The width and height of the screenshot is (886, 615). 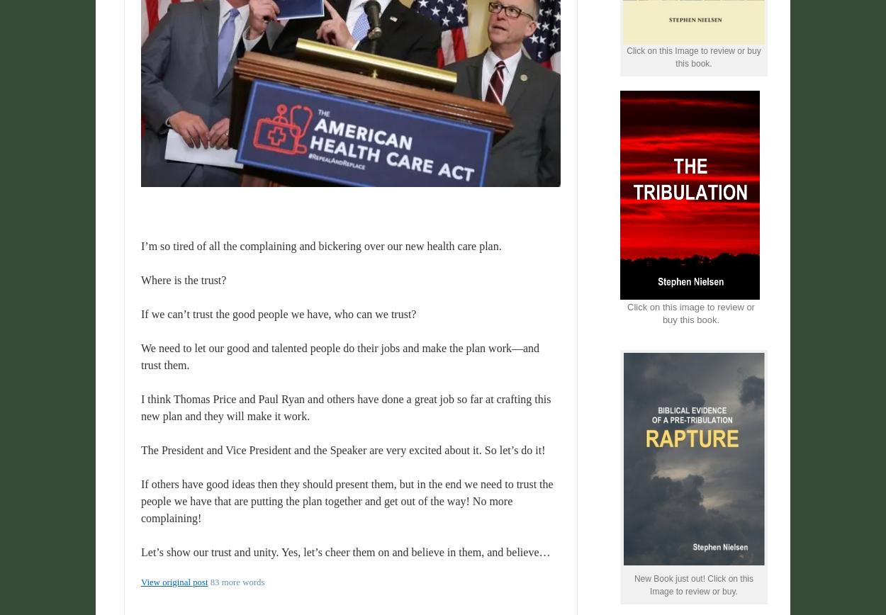 I want to click on 'Where is the trust?', so click(x=140, y=279).